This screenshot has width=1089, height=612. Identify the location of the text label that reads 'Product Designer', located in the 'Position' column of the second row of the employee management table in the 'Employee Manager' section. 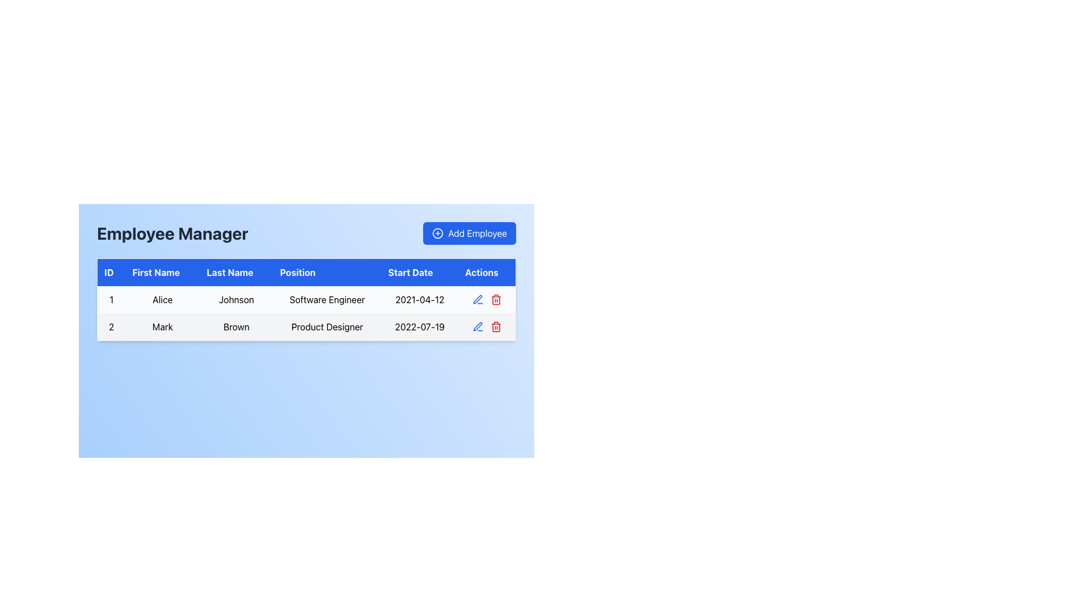
(327, 327).